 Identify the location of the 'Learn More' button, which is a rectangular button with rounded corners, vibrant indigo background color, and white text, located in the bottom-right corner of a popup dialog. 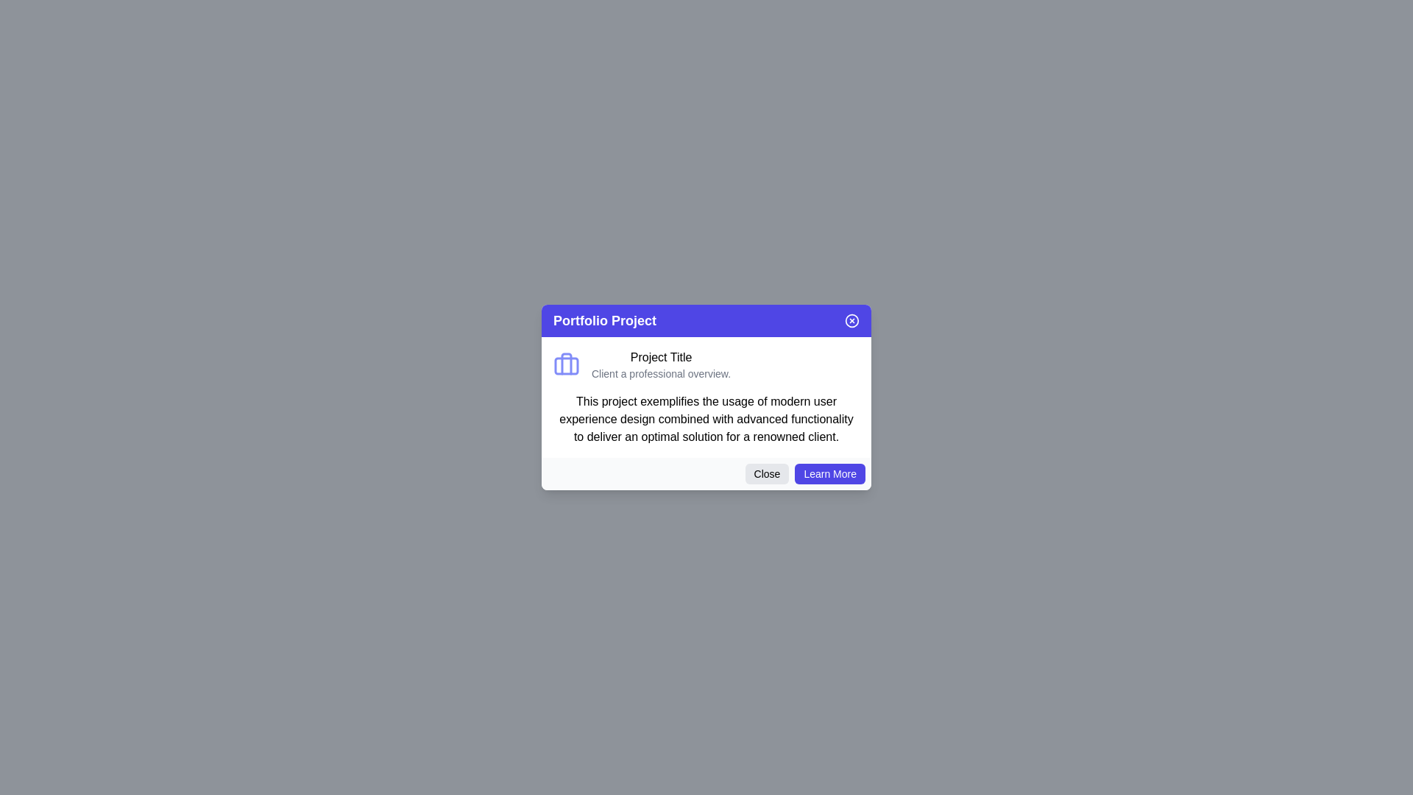
(830, 474).